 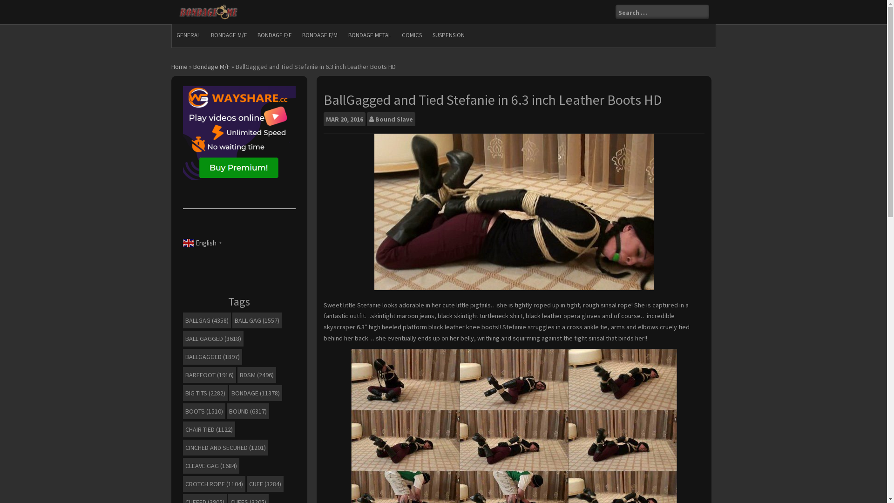 What do you see at coordinates (232, 319) in the screenshot?
I see `'BALL GAG (1557)'` at bounding box center [232, 319].